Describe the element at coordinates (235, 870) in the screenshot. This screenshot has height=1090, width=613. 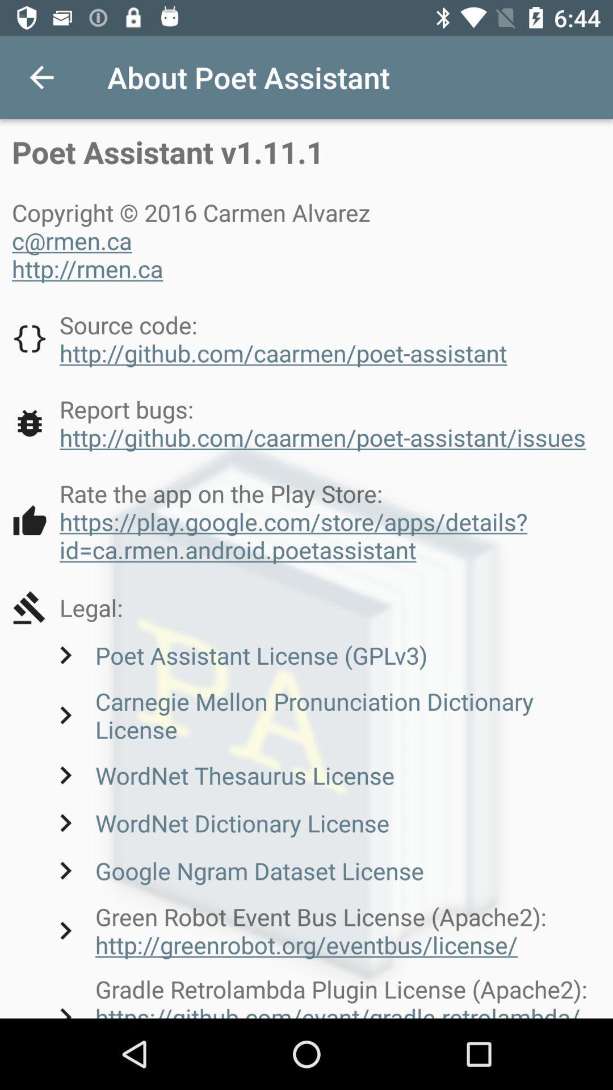
I see `the google ngram dataset item` at that location.